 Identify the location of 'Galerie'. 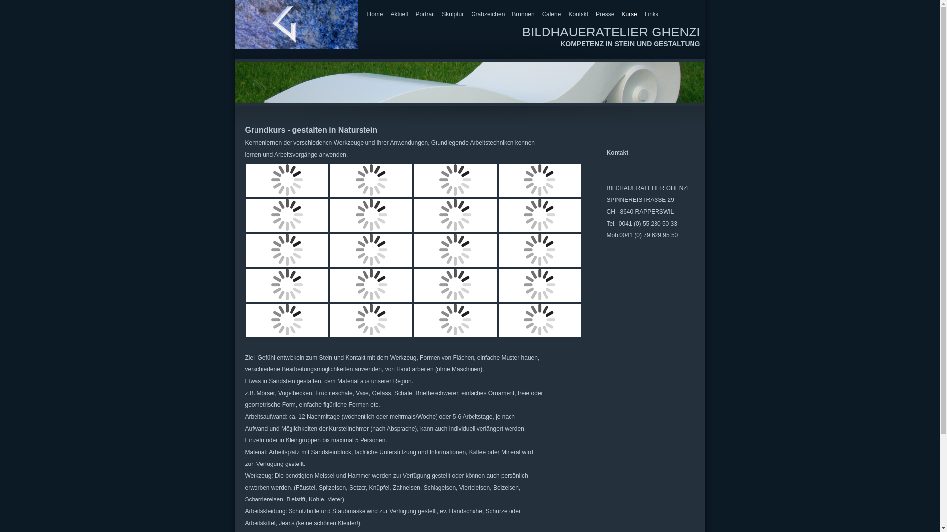
(551, 14).